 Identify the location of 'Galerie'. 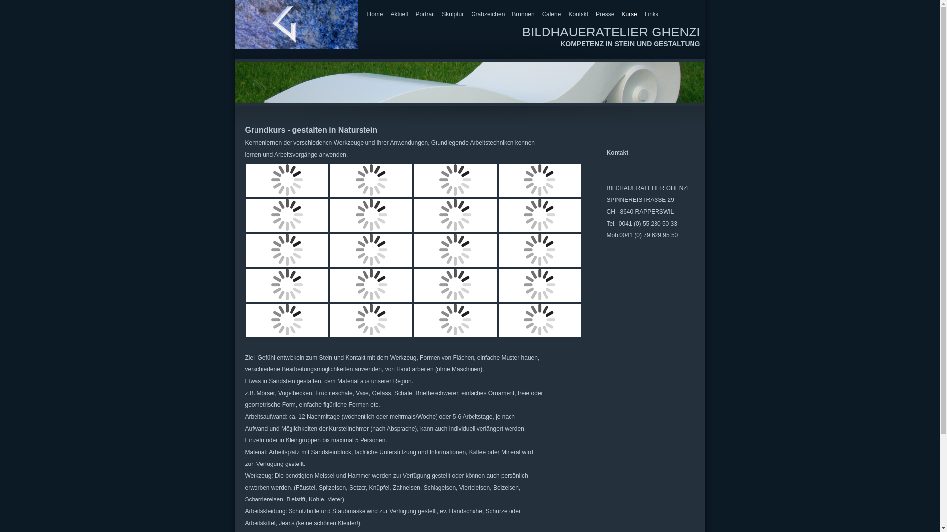
(551, 14).